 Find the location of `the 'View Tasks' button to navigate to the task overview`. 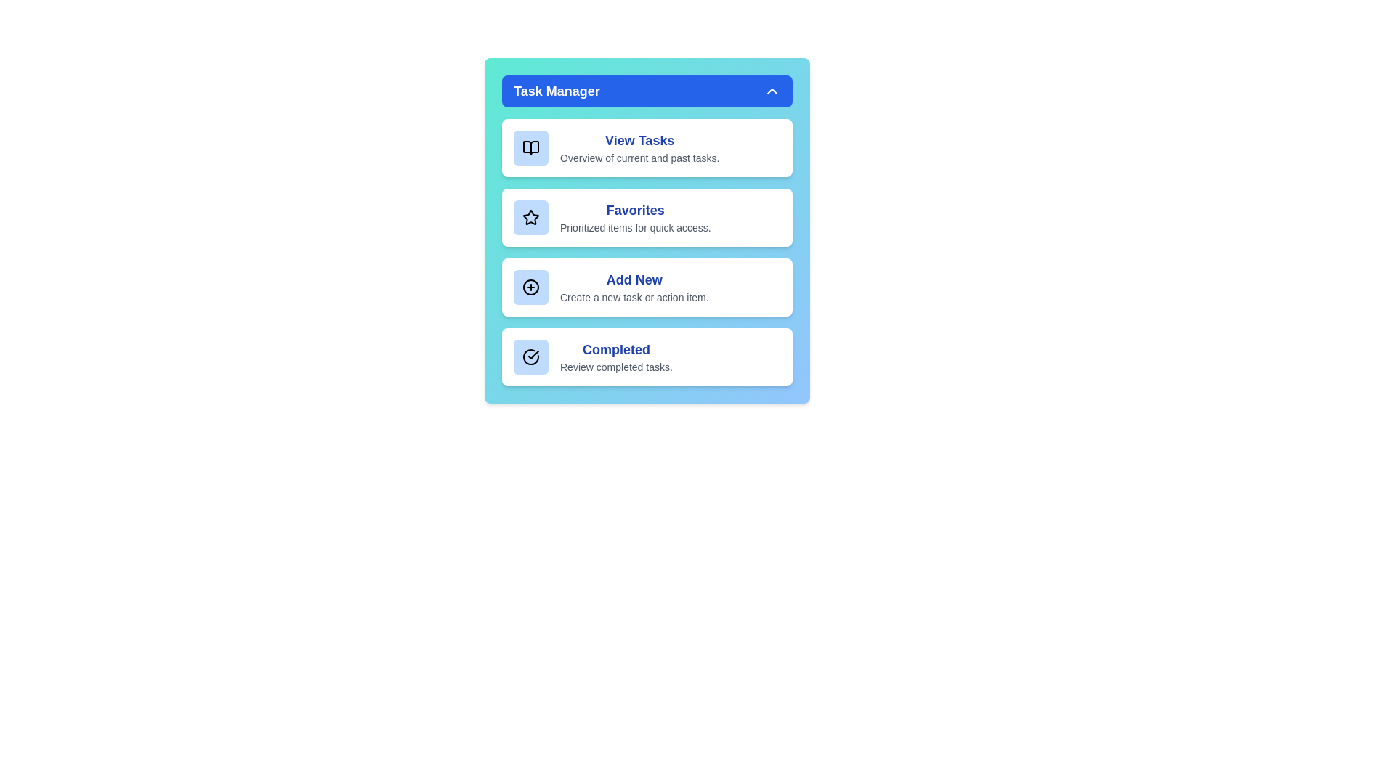

the 'View Tasks' button to navigate to the task overview is located at coordinates (639, 140).